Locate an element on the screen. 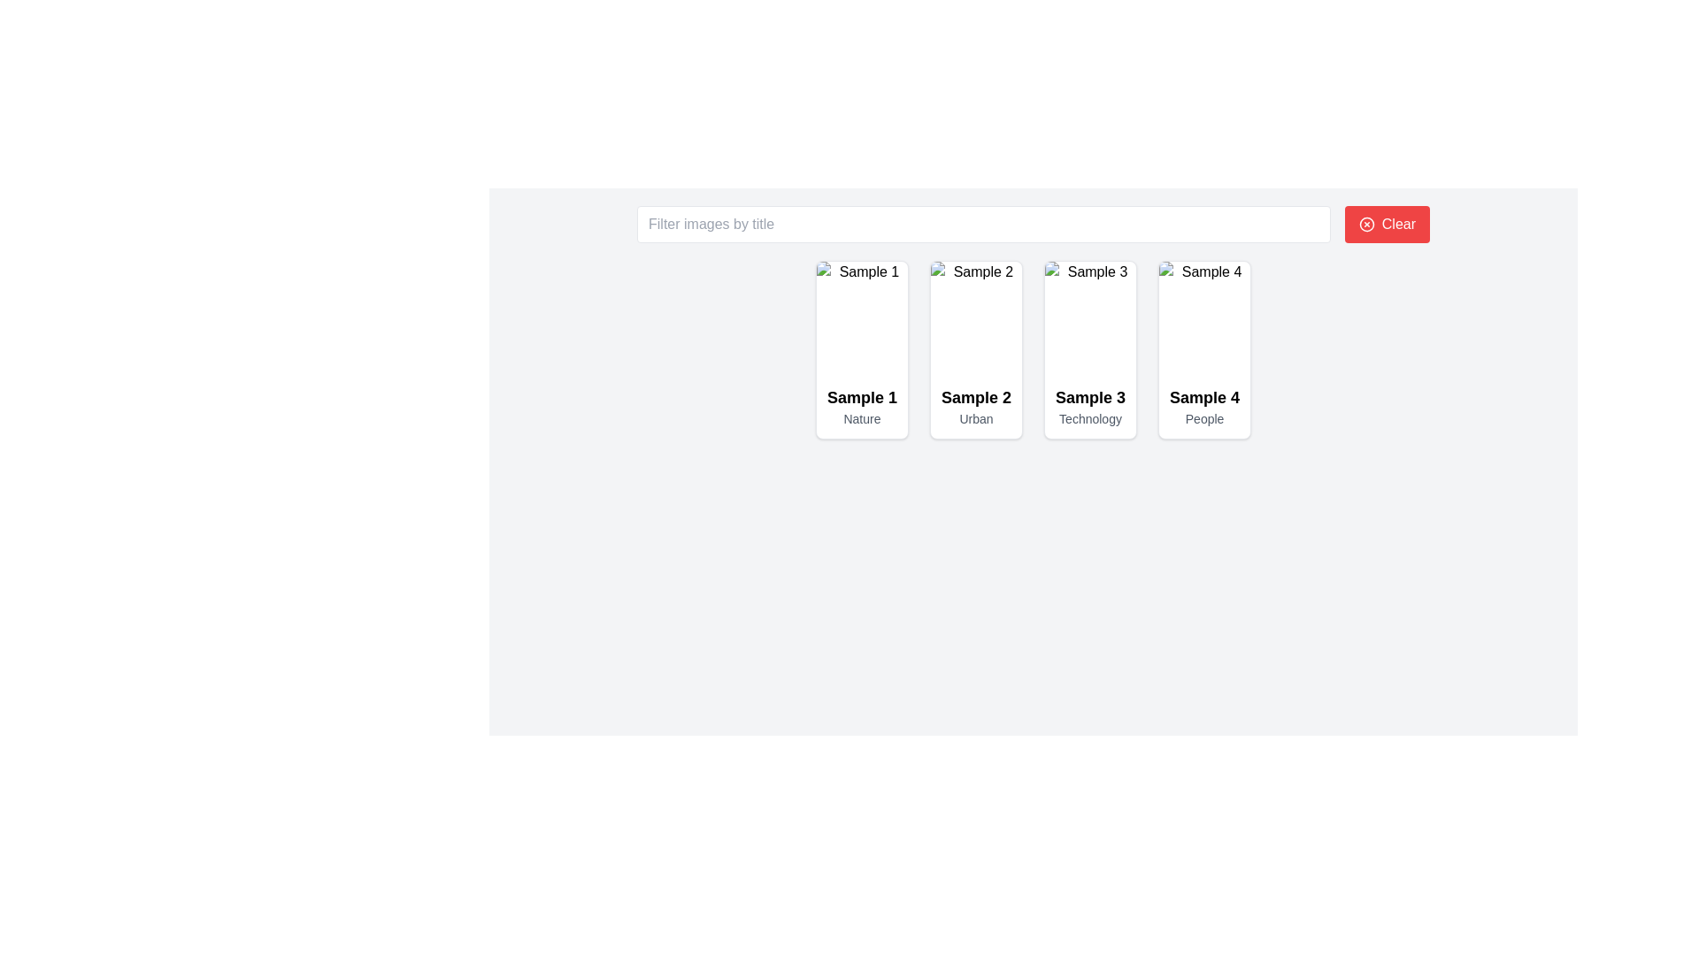  the Card Display for 'Sample 3' in the Technology category is located at coordinates (1089, 350).